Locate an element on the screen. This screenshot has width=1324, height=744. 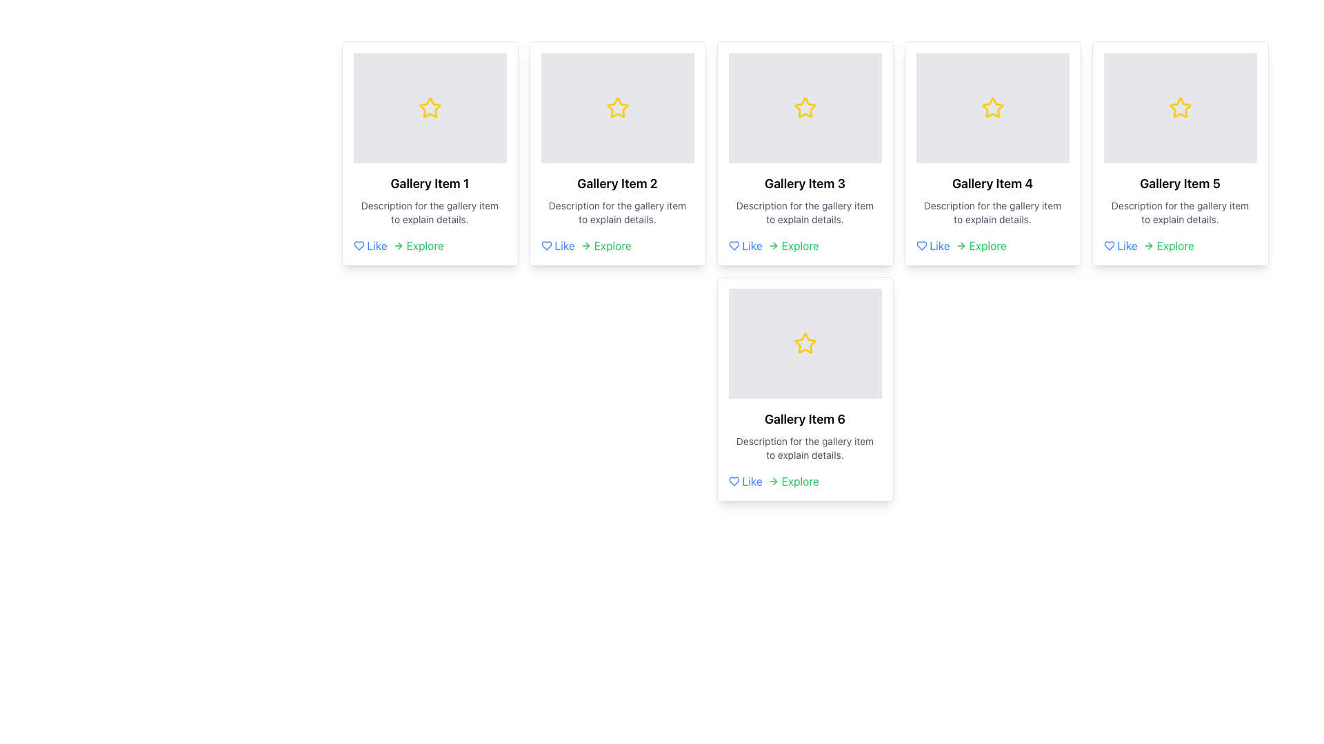
the blue heart-shaped icon within the 'Like' clickable text area is located at coordinates (545, 245).